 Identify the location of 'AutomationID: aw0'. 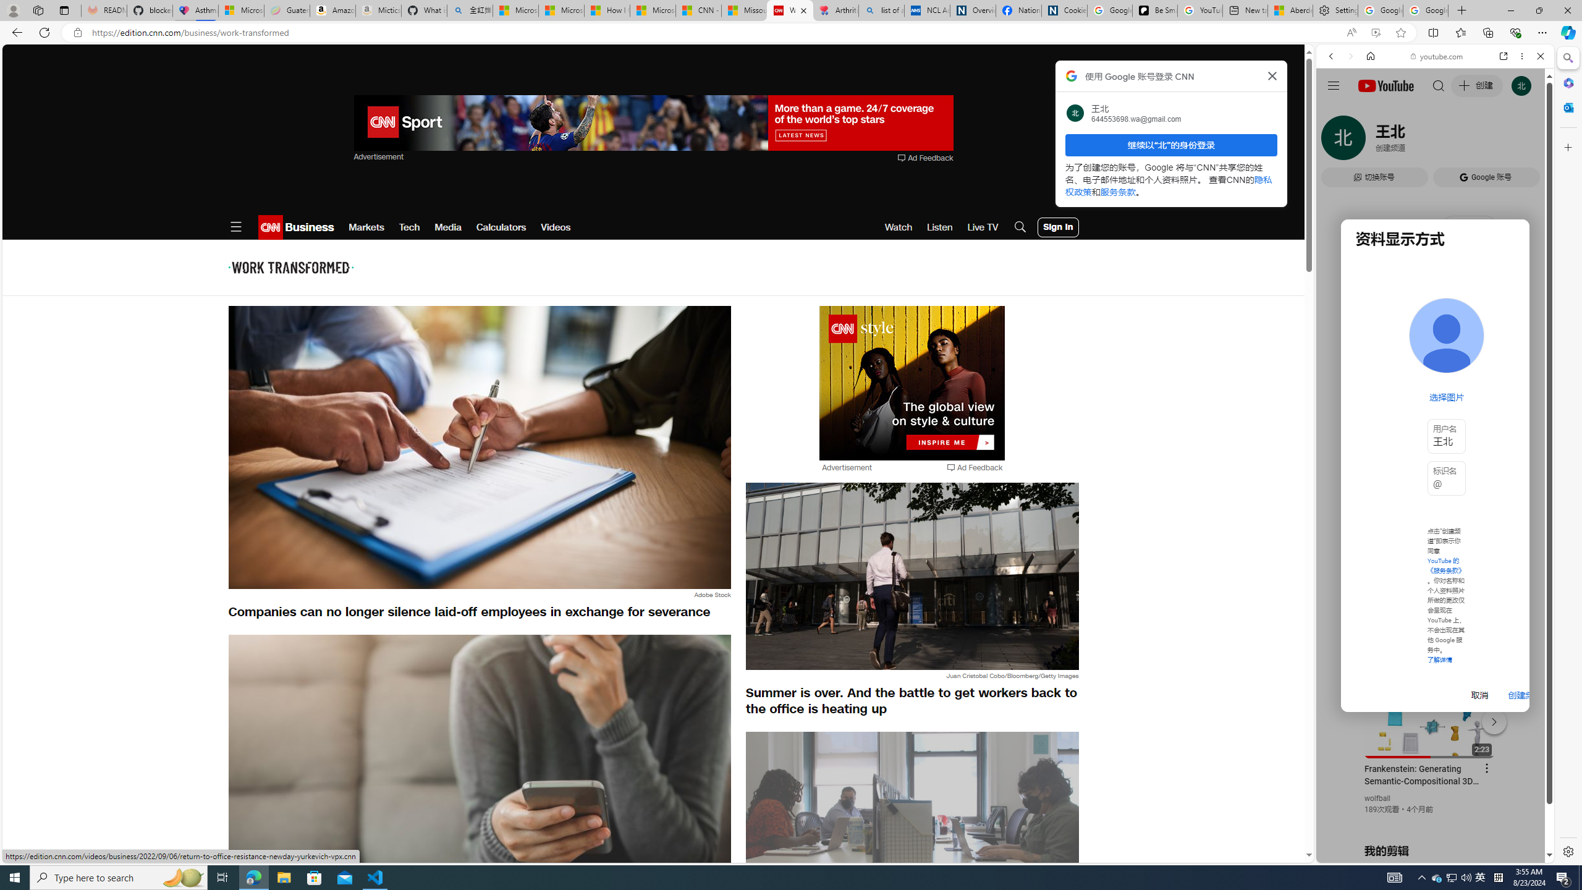
(912, 383).